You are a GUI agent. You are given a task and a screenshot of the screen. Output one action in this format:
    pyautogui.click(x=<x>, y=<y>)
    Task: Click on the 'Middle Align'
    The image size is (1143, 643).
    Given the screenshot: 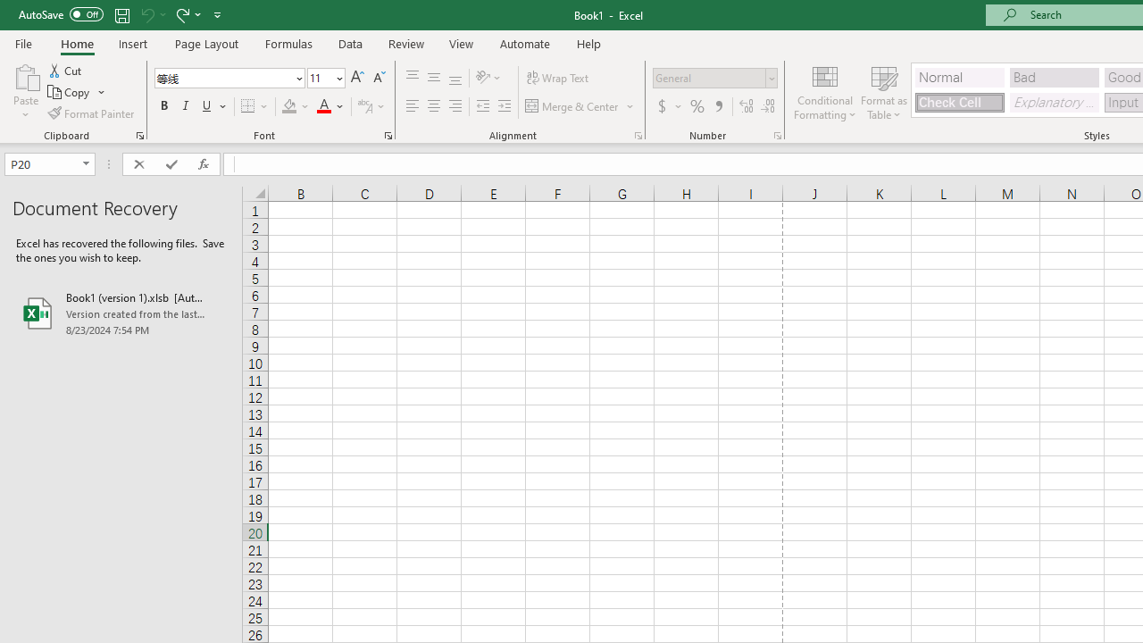 What is the action you would take?
    pyautogui.click(x=433, y=77)
    